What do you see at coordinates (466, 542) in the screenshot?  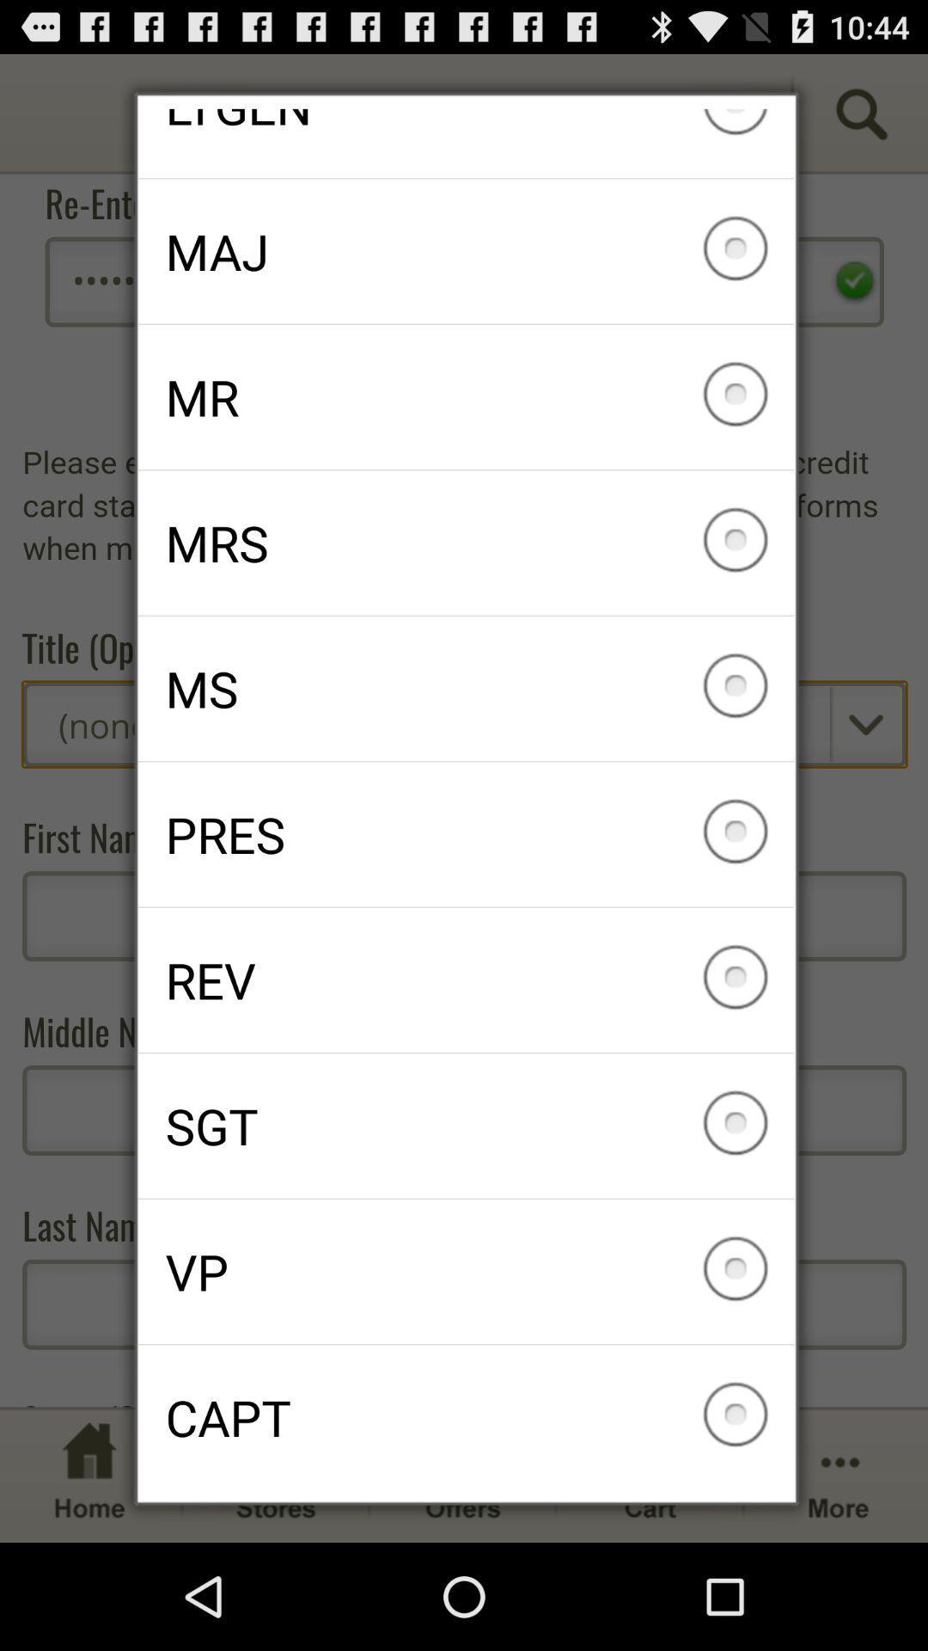 I see `mrs item` at bounding box center [466, 542].